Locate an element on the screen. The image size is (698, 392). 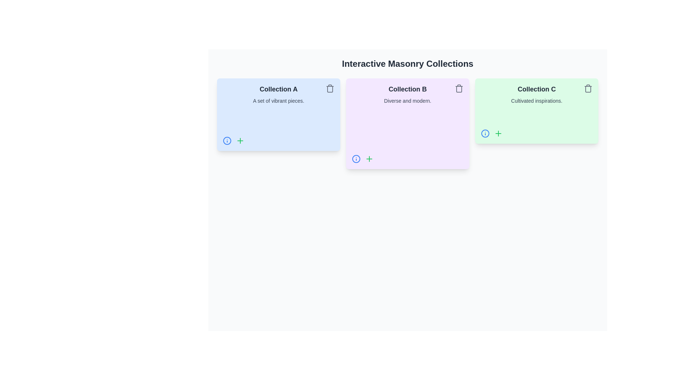
the delete button located in the top-right corner of the green card labeled 'Collection C - Cultivated inspirations' is located at coordinates (588, 88).